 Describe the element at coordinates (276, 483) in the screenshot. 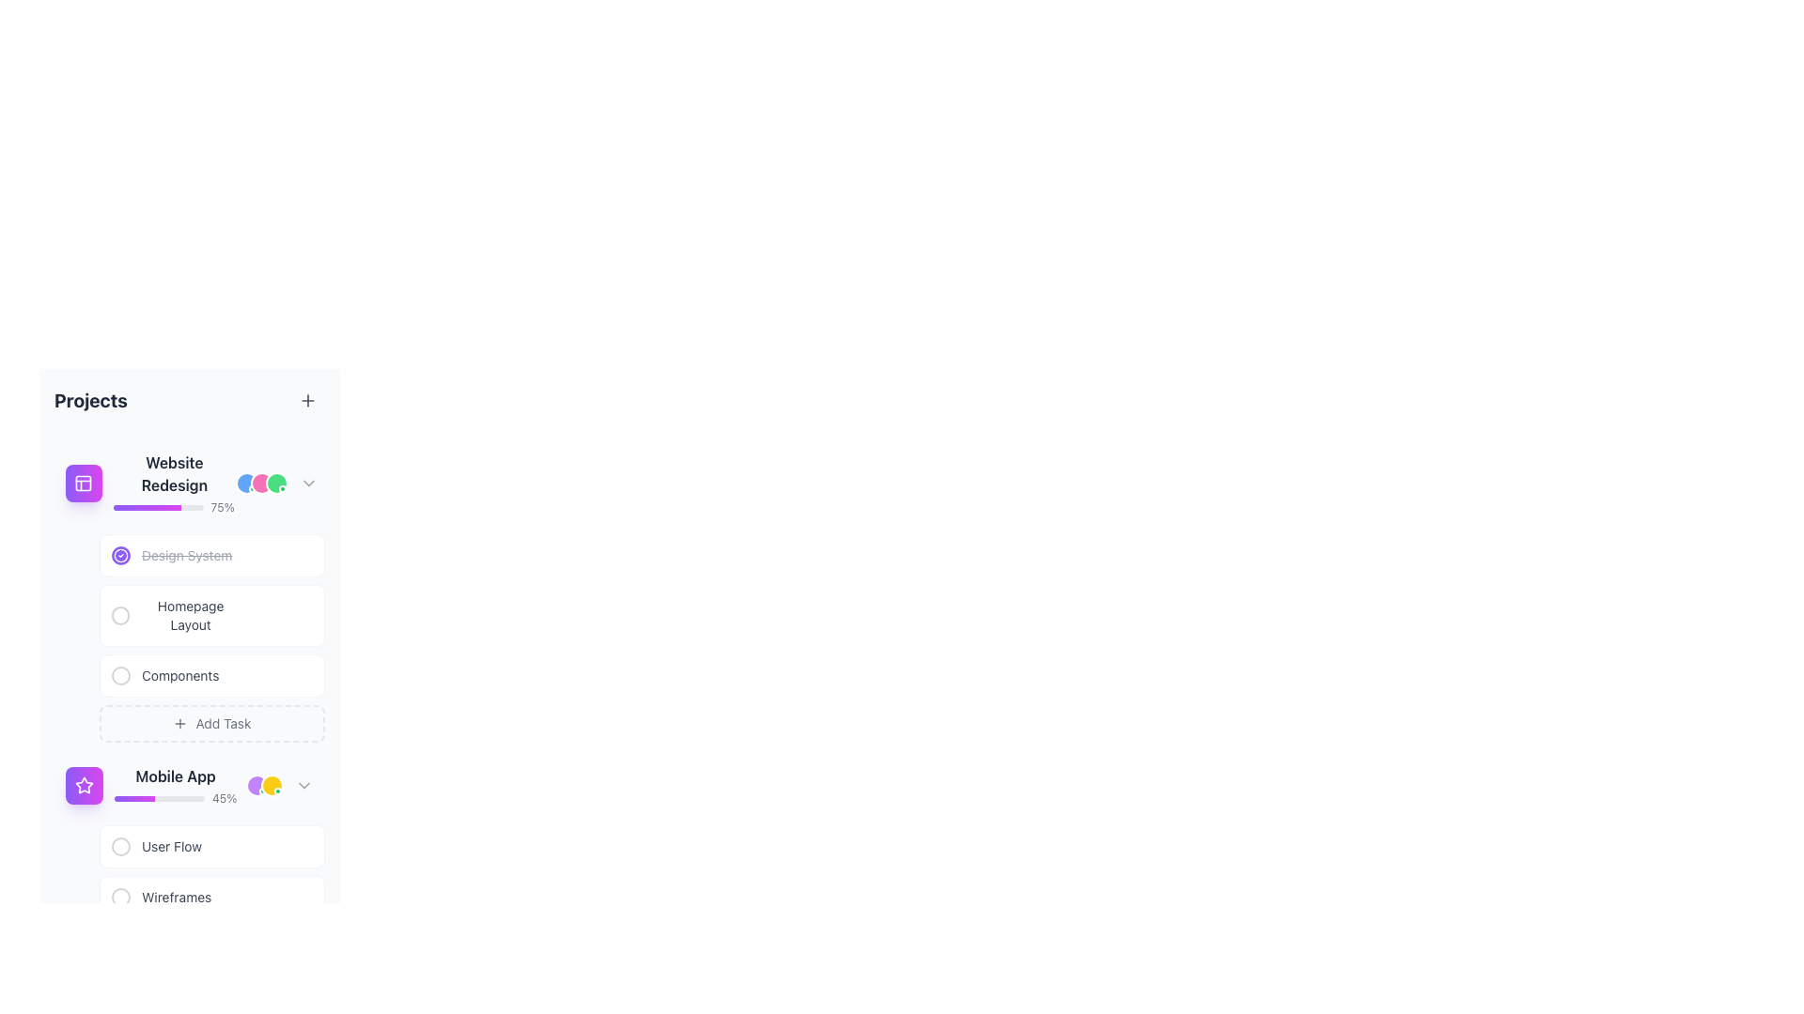

I see `the last circular profile indicator representing the online or active status of a user or task, which is located above the 'Website Redesign' project description` at that location.